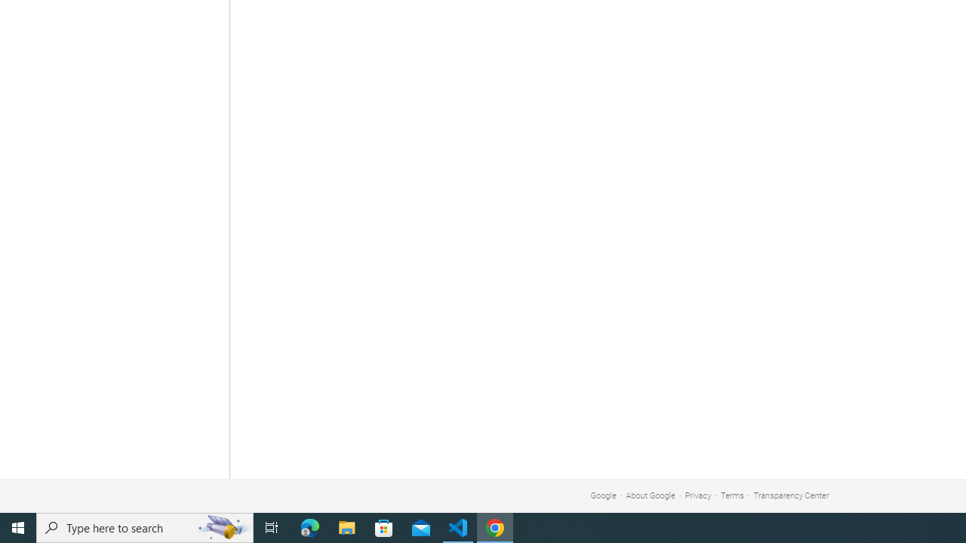 This screenshot has width=966, height=543. Describe the element at coordinates (651, 495) in the screenshot. I see `'About Google'` at that location.